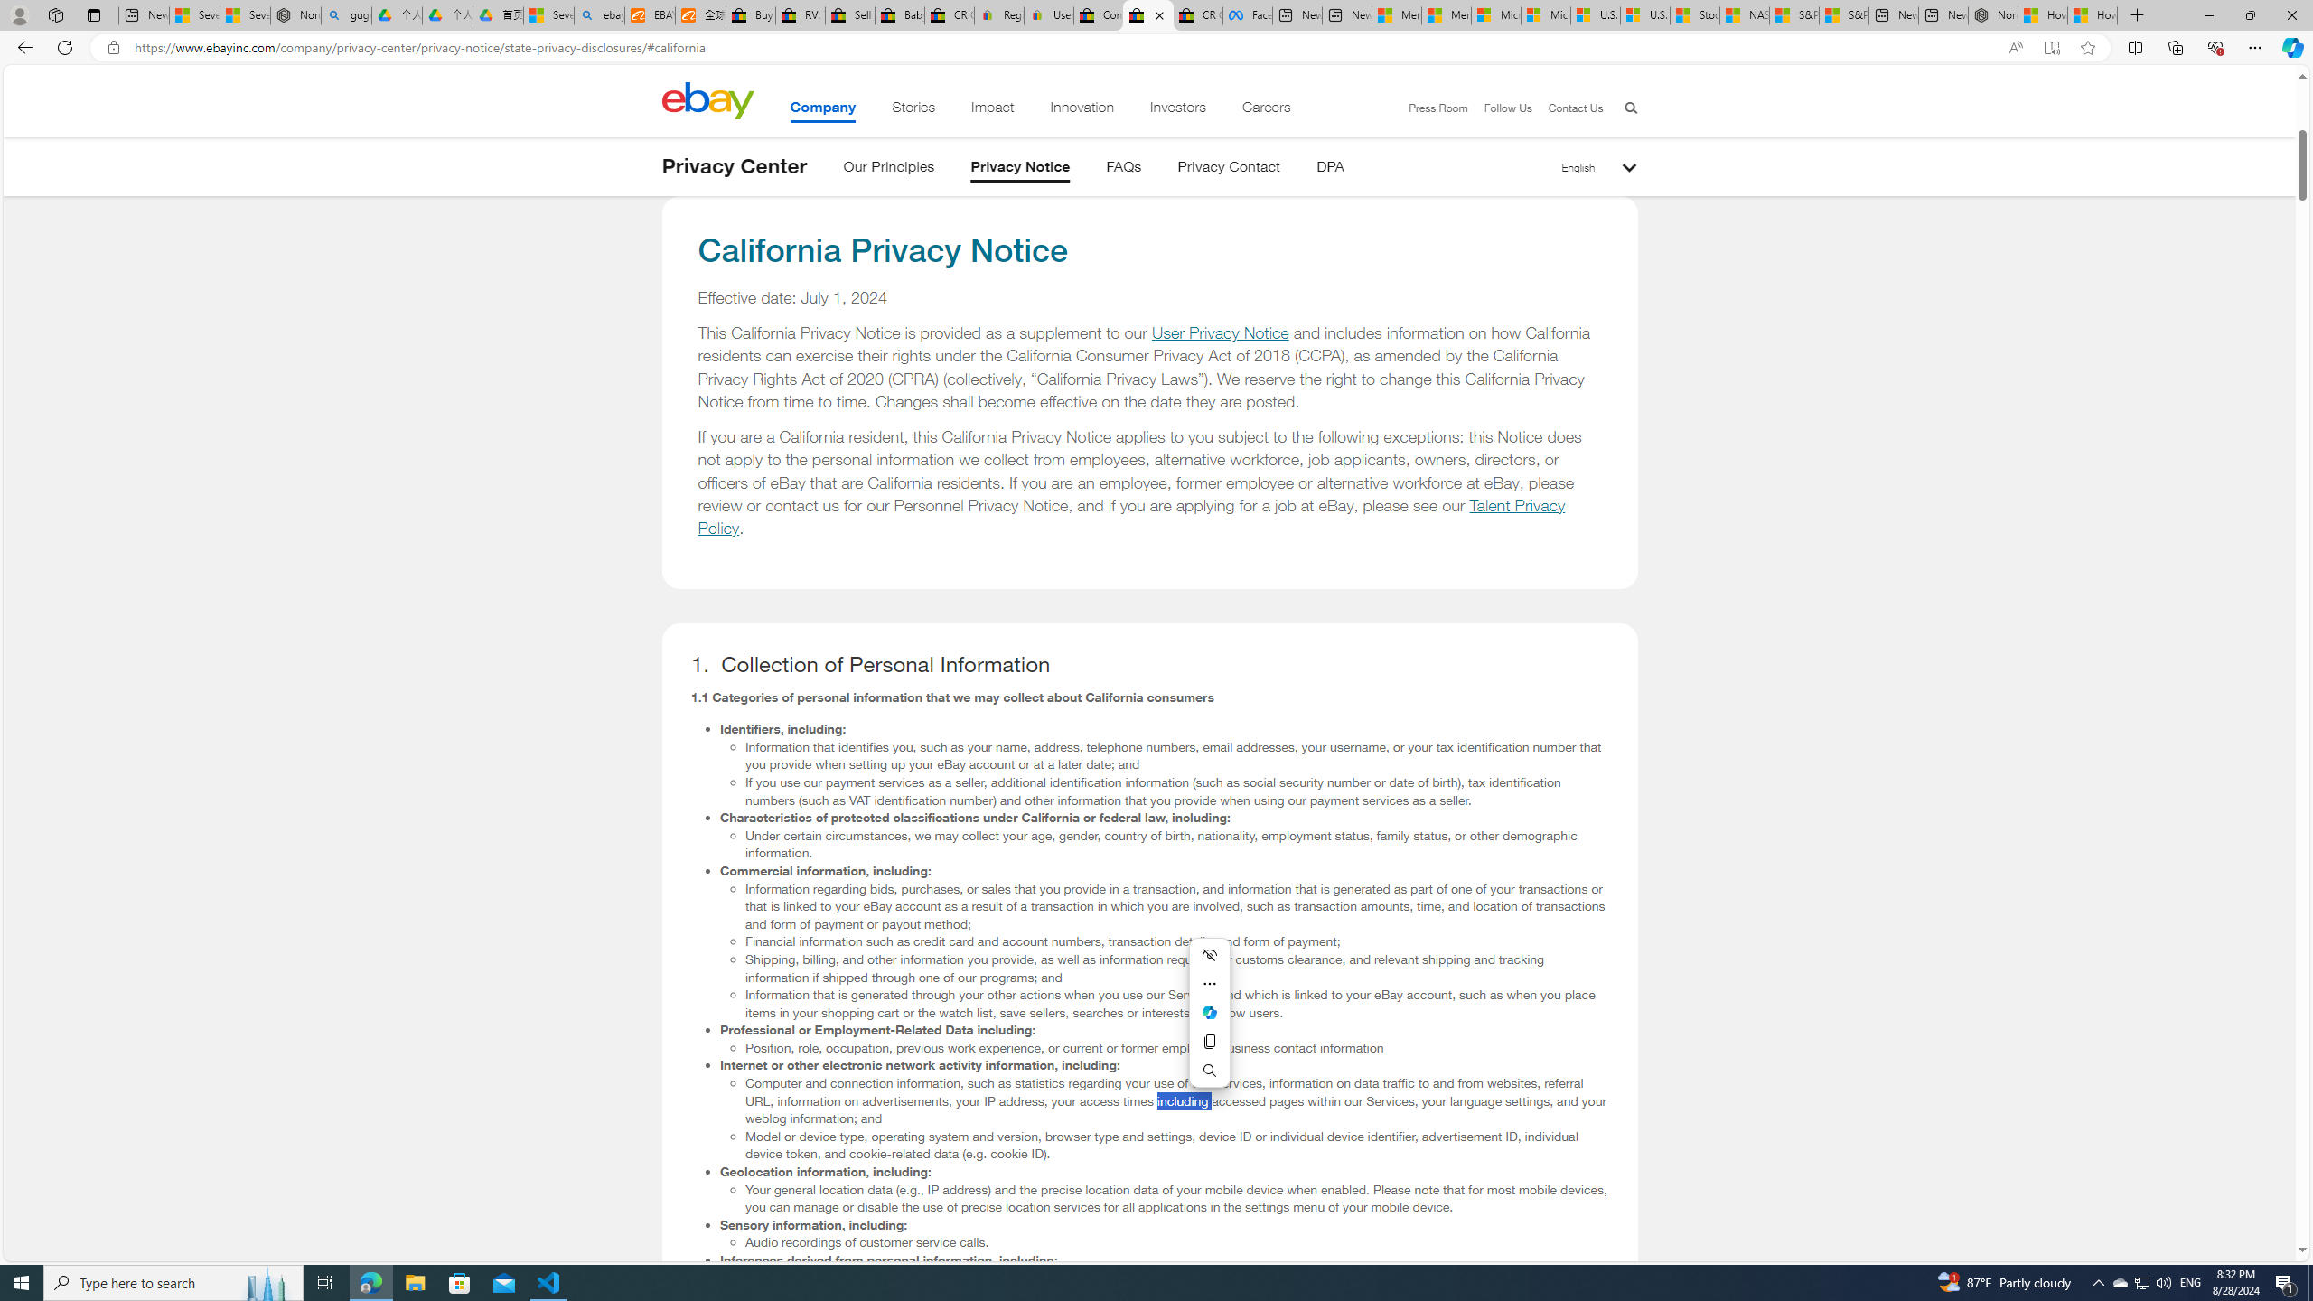 This screenshot has width=2313, height=1301. Describe the element at coordinates (346, 14) in the screenshot. I see `'guge yunpan - Search'` at that location.